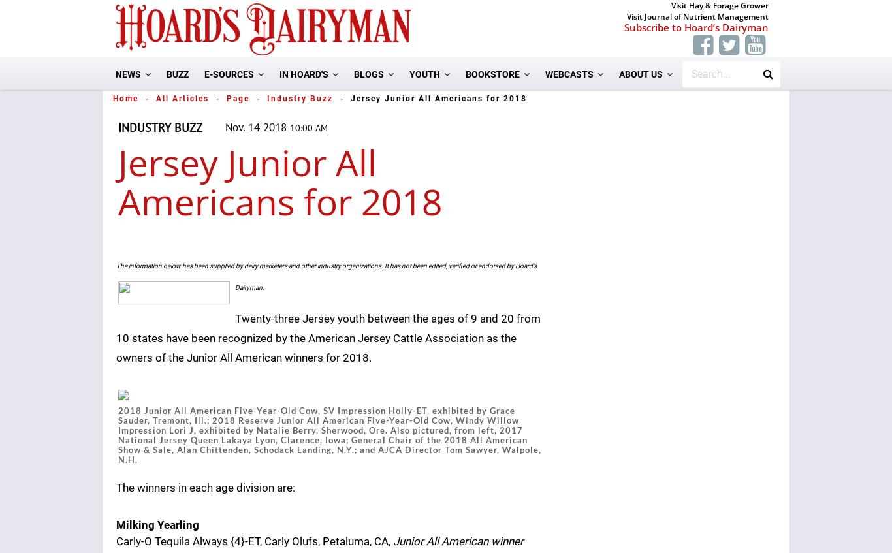  I want to click on 'Farm Blog', so click(392, 139).